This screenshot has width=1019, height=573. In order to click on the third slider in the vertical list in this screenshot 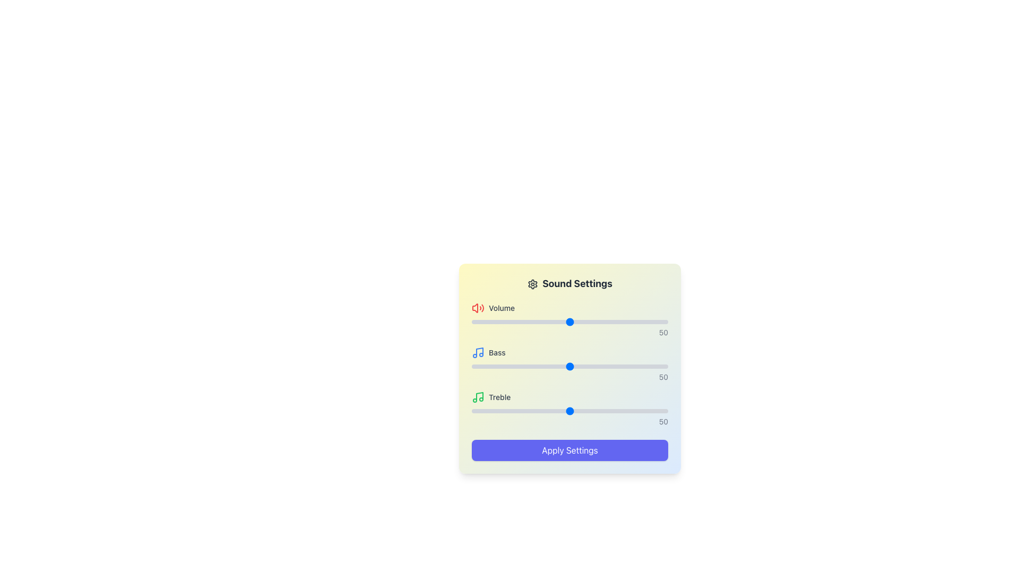, I will do `click(569, 409)`.